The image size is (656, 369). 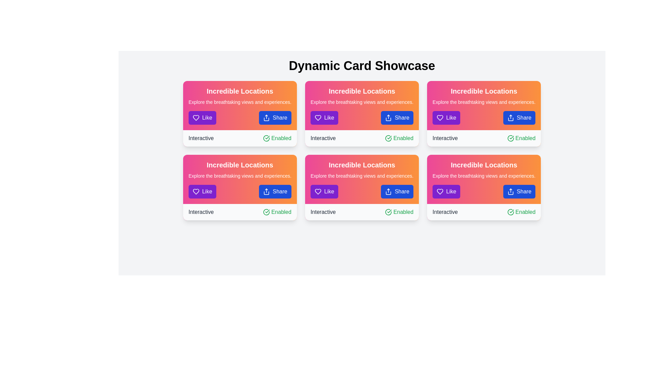 What do you see at coordinates (445, 138) in the screenshot?
I see `text label displaying 'Interactive' located below the 'Like' and 'Share' buttons in the top row of the third card from the left` at bounding box center [445, 138].